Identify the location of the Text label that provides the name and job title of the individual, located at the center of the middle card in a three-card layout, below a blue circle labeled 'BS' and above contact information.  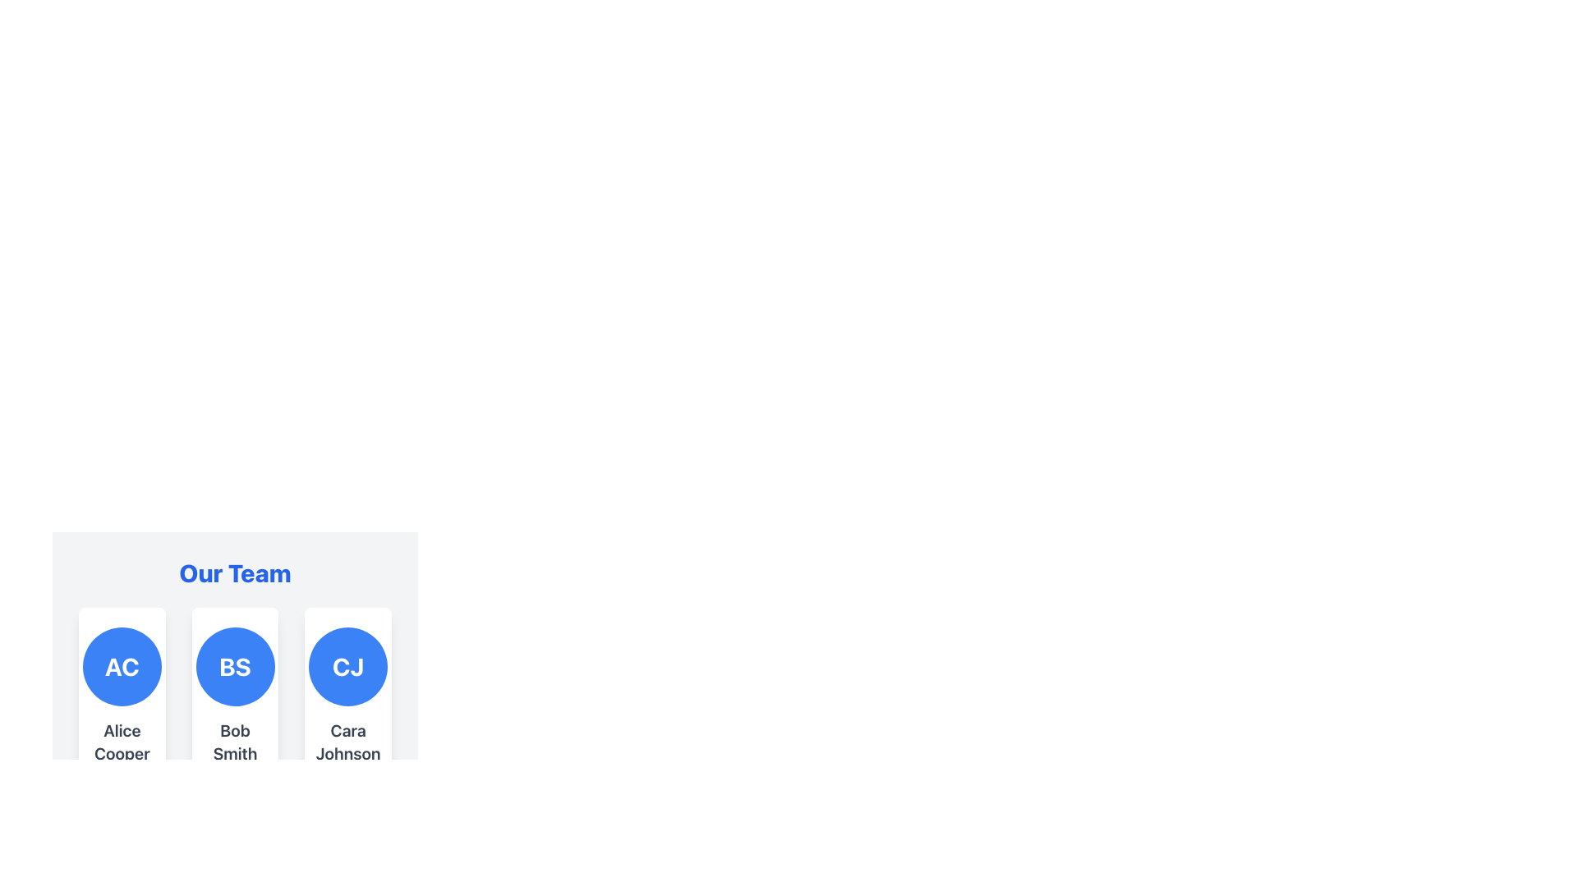
(234, 751).